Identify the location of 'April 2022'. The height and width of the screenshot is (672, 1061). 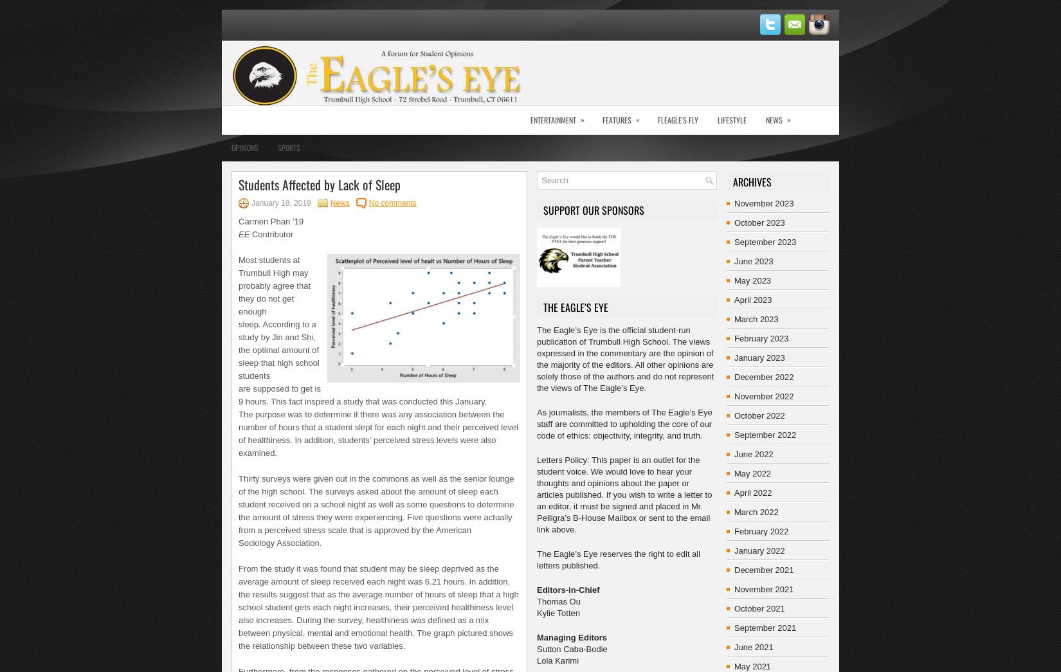
(734, 493).